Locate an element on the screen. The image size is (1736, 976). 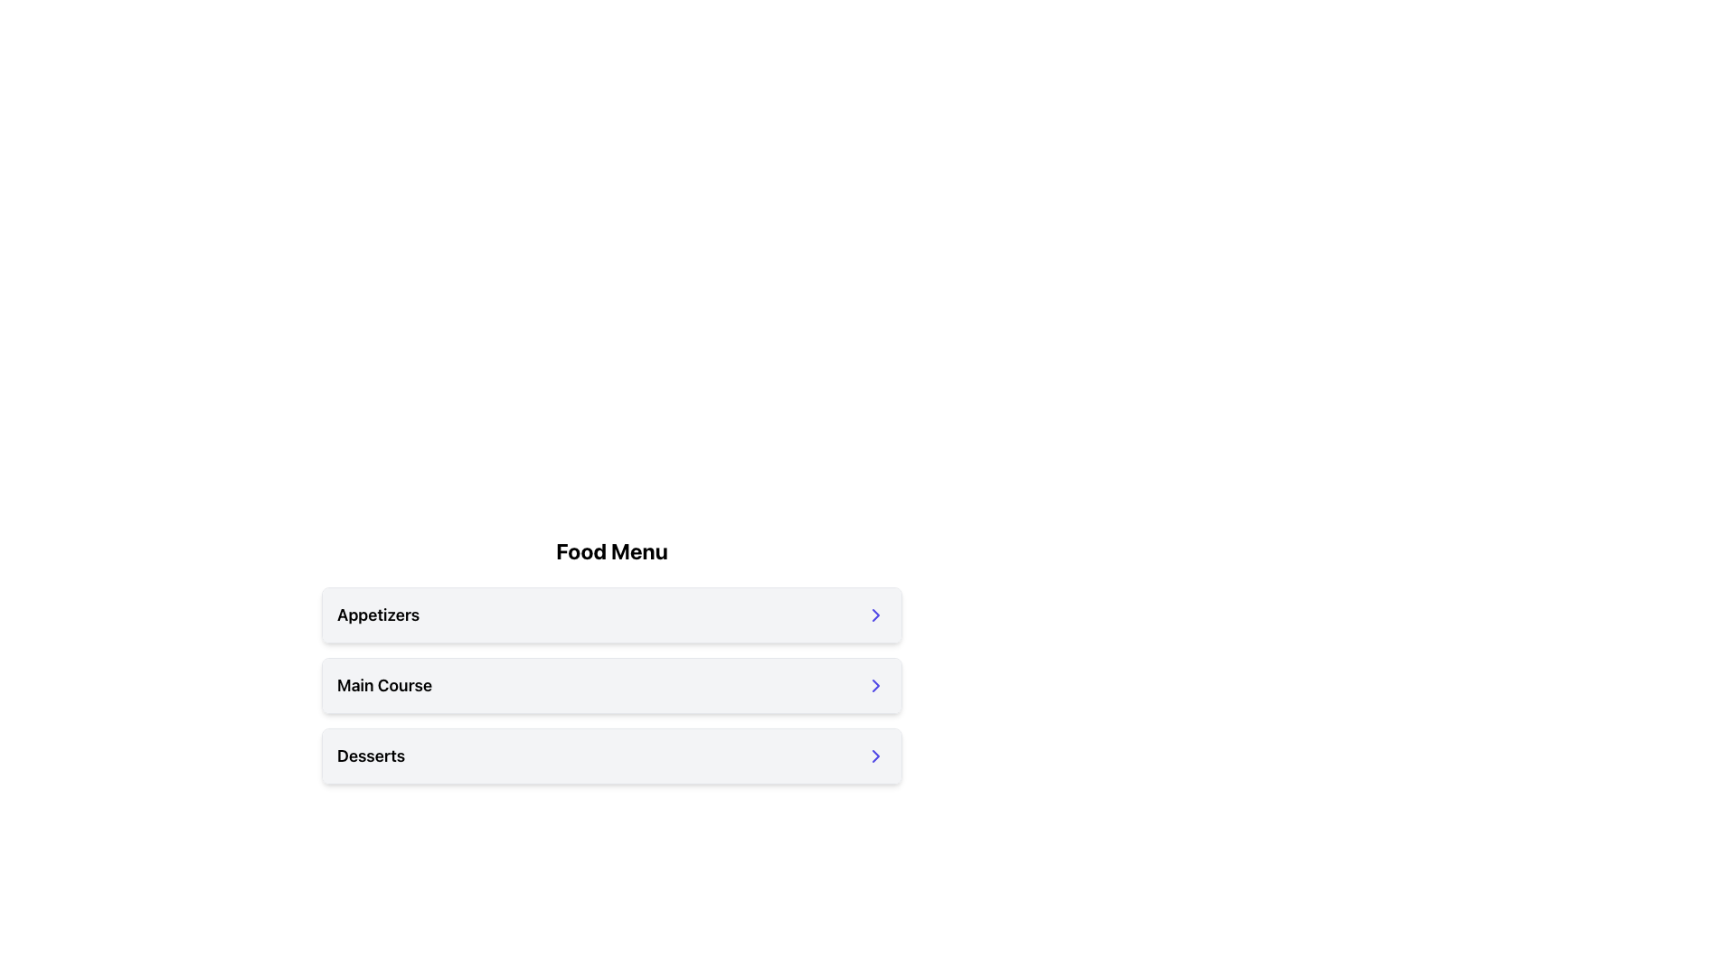
the 'Desserts' menu item, which is the third item in the vertically stacked menu list is located at coordinates (611, 756).